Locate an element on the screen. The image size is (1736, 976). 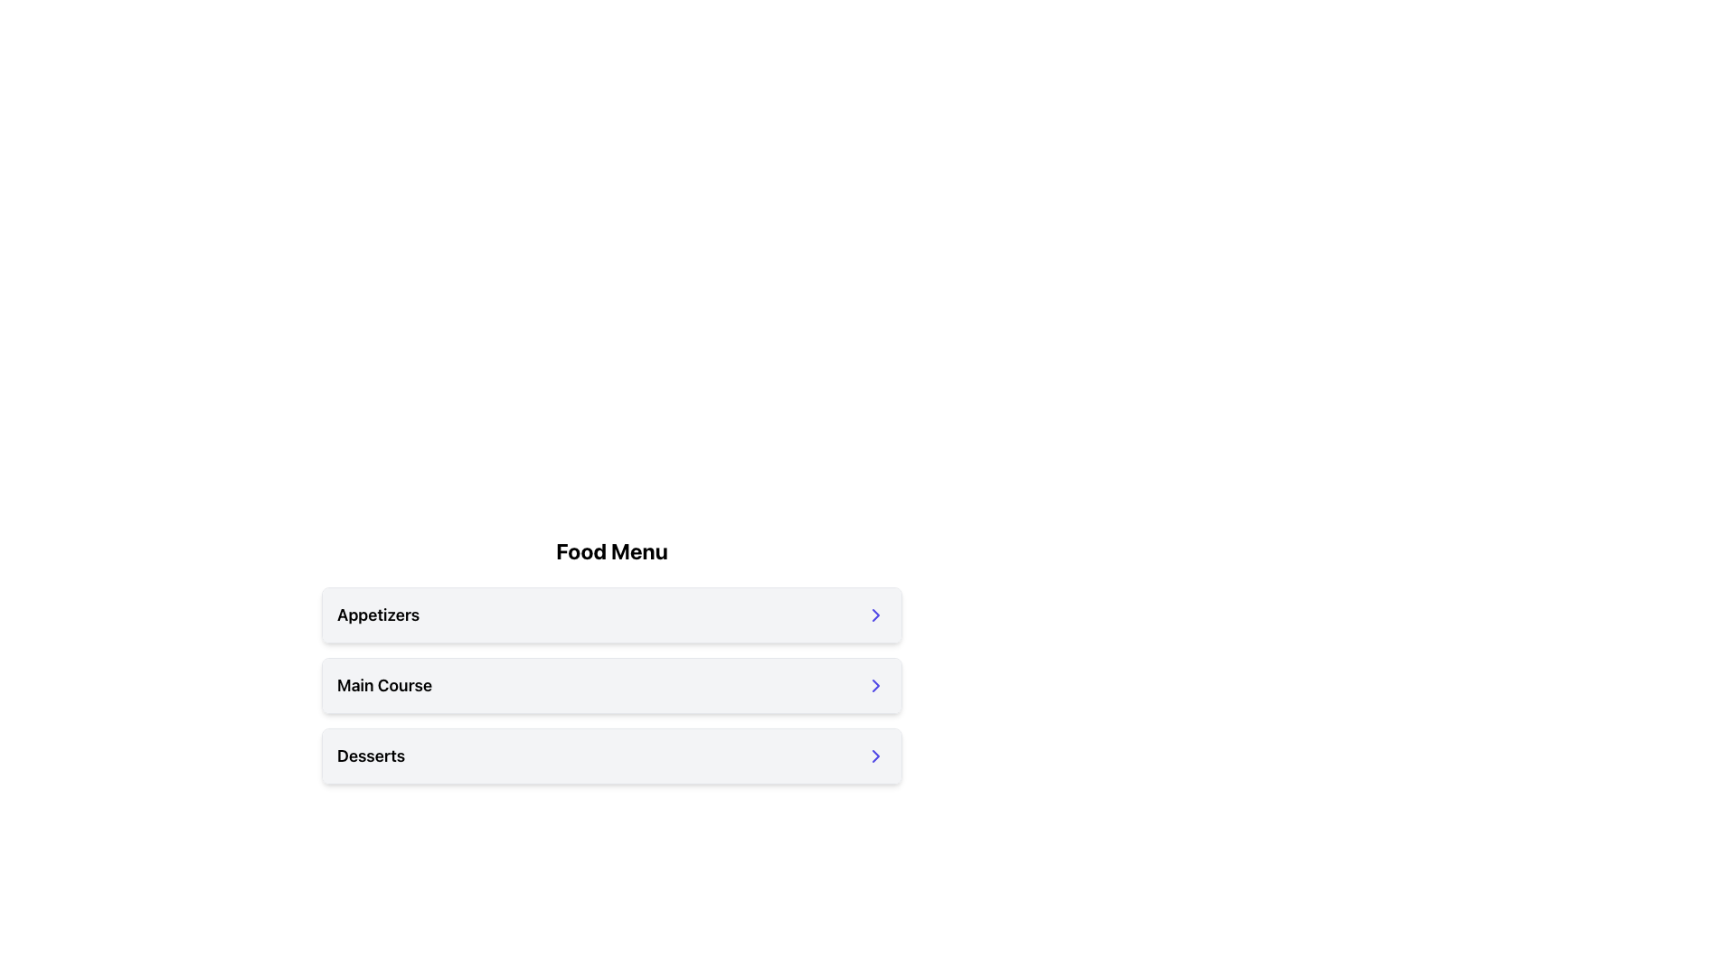
the 'Desserts' menu item, which is the third item in the vertically stacked menu list is located at coordinates (611, 756).